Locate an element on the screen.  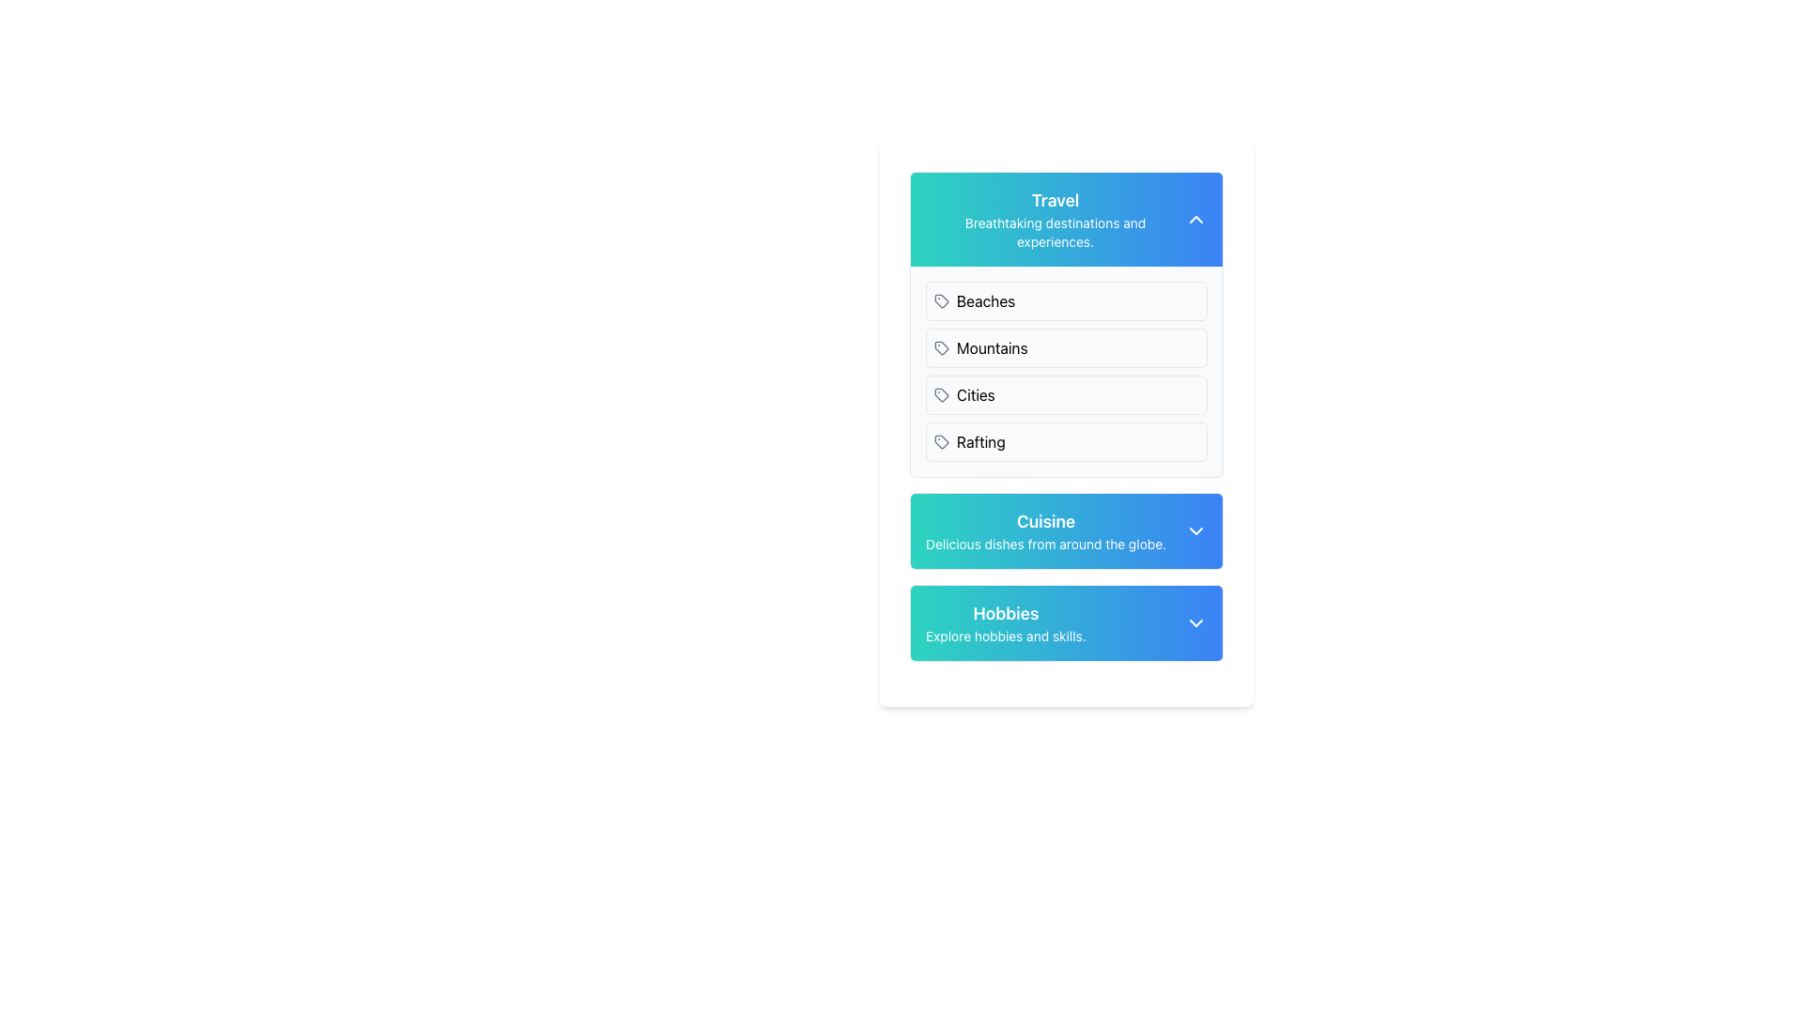
the 'Cities' button in the travel options list is located at coordinates (1067, 393).